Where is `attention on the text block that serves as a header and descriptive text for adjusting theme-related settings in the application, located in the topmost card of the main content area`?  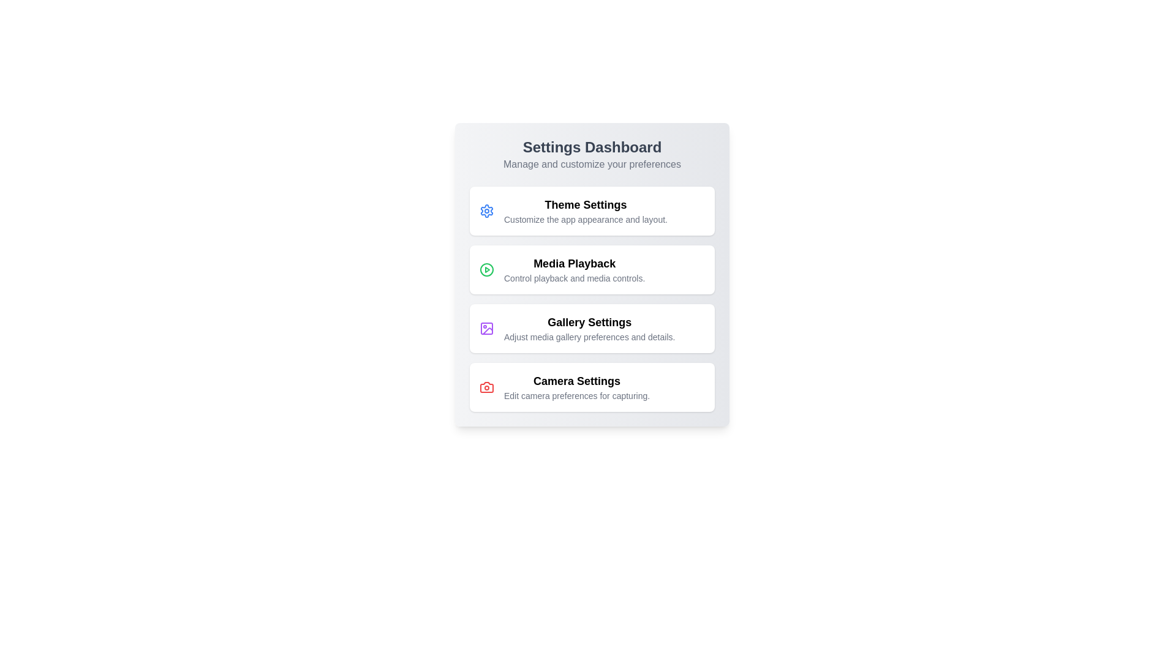 attention on the text block that serves as a header and descriptive text for adjusting theme-related settings in the application, located in the topmost card of the main content area is located at coordinates (585, 210).